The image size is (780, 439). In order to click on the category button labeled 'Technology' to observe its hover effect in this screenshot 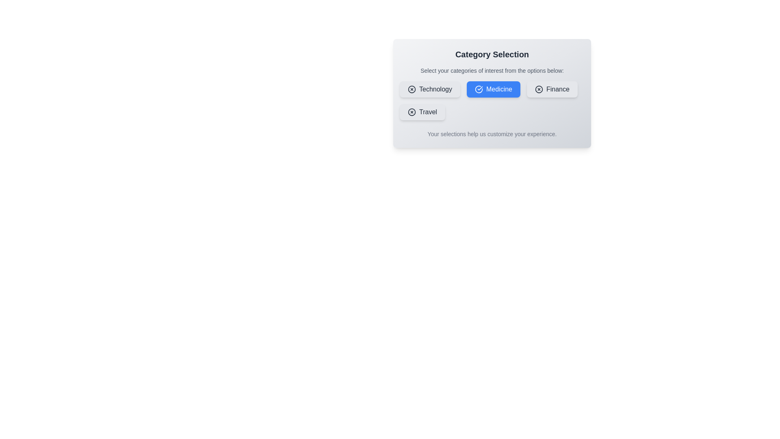, I will do `click(429, 89)`.